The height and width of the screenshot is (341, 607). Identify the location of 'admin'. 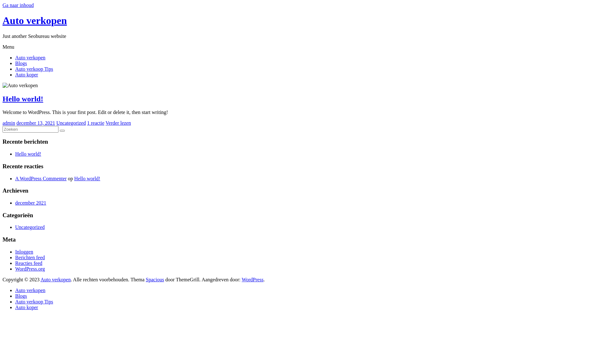
(9, 123).